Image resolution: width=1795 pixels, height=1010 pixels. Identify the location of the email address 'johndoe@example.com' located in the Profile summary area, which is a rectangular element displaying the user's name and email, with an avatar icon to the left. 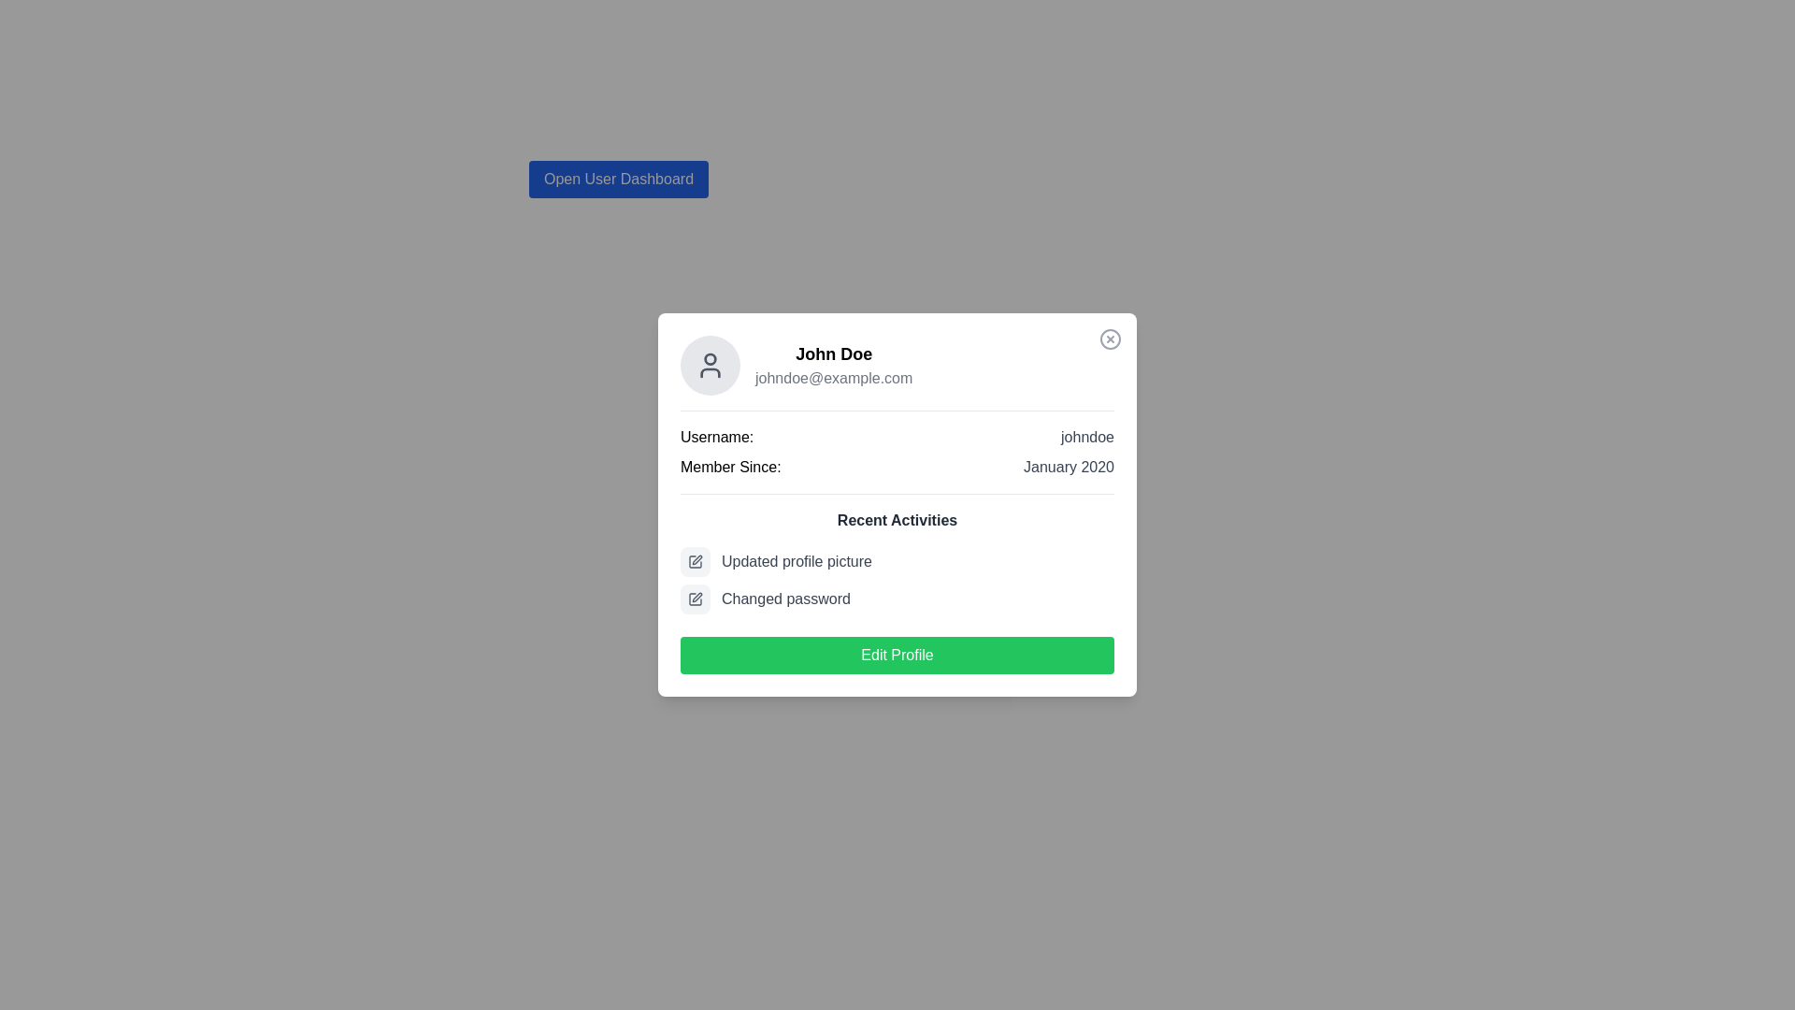
(897, 372).